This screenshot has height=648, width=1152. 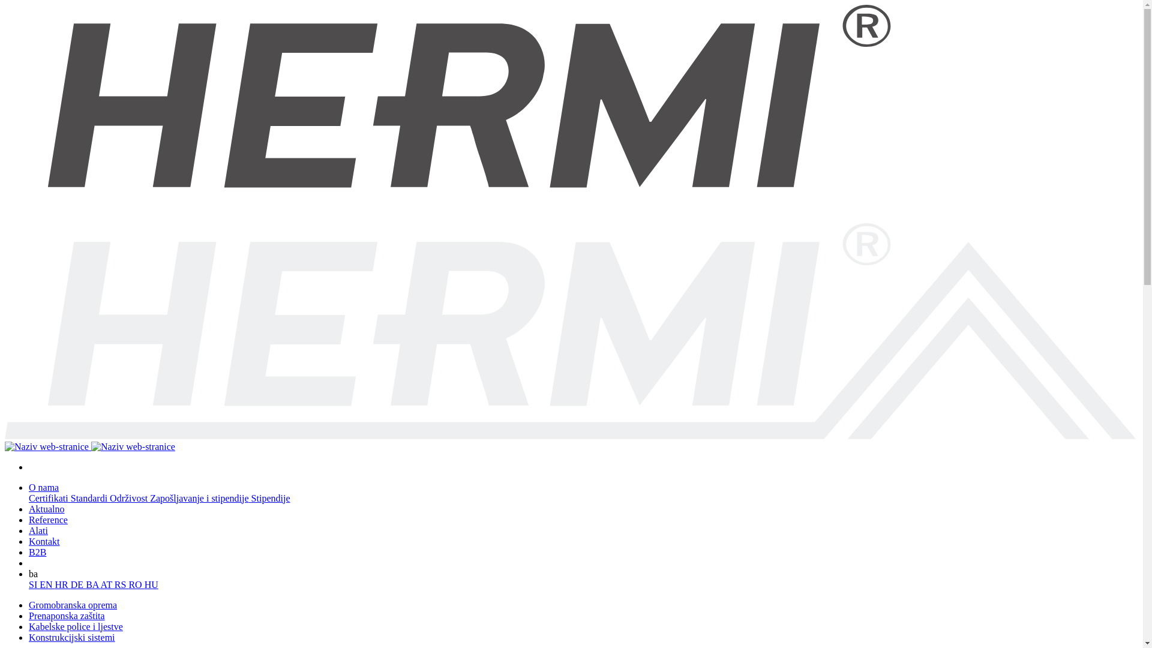 I want to click on 'Aktualno', so click(x=46, y=509).